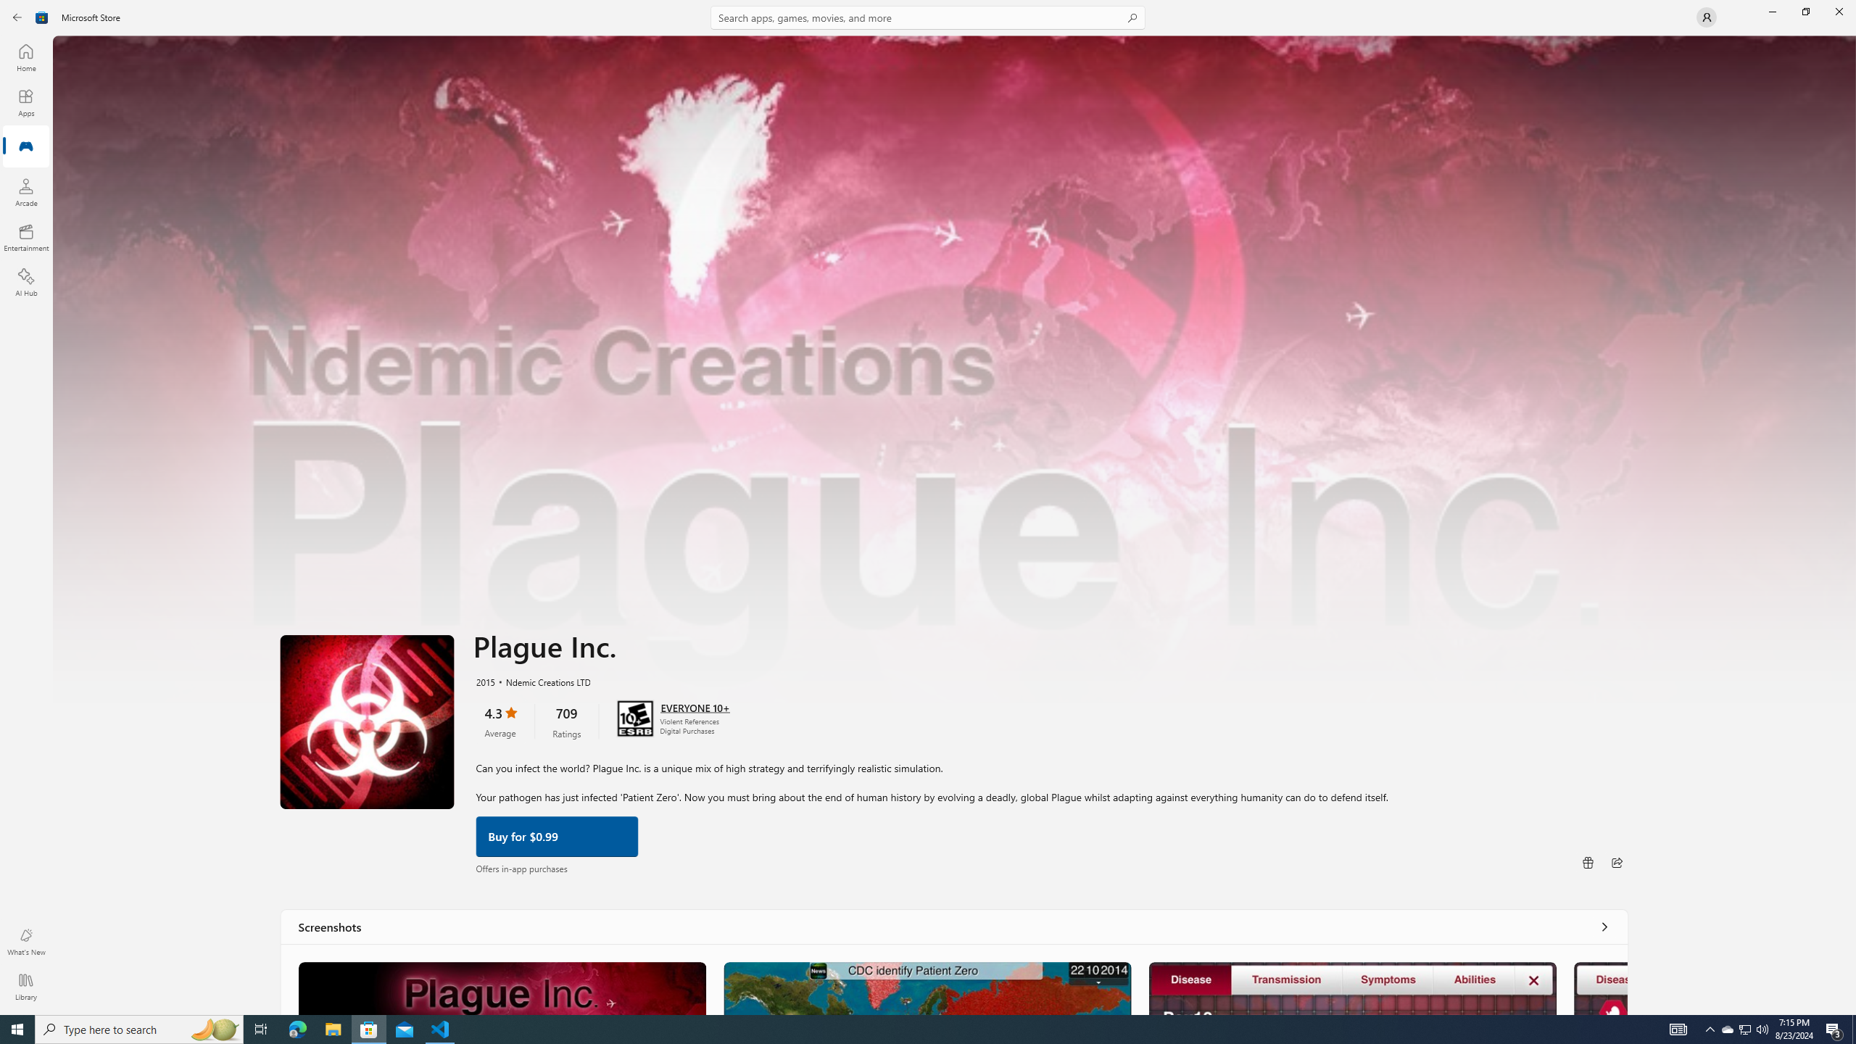 Image resolution: width=1856 pixels, height=1044 pixels. Describe the element at coordinates (25, 236) in the screenshot. I see `'Entertainment'` at that location.